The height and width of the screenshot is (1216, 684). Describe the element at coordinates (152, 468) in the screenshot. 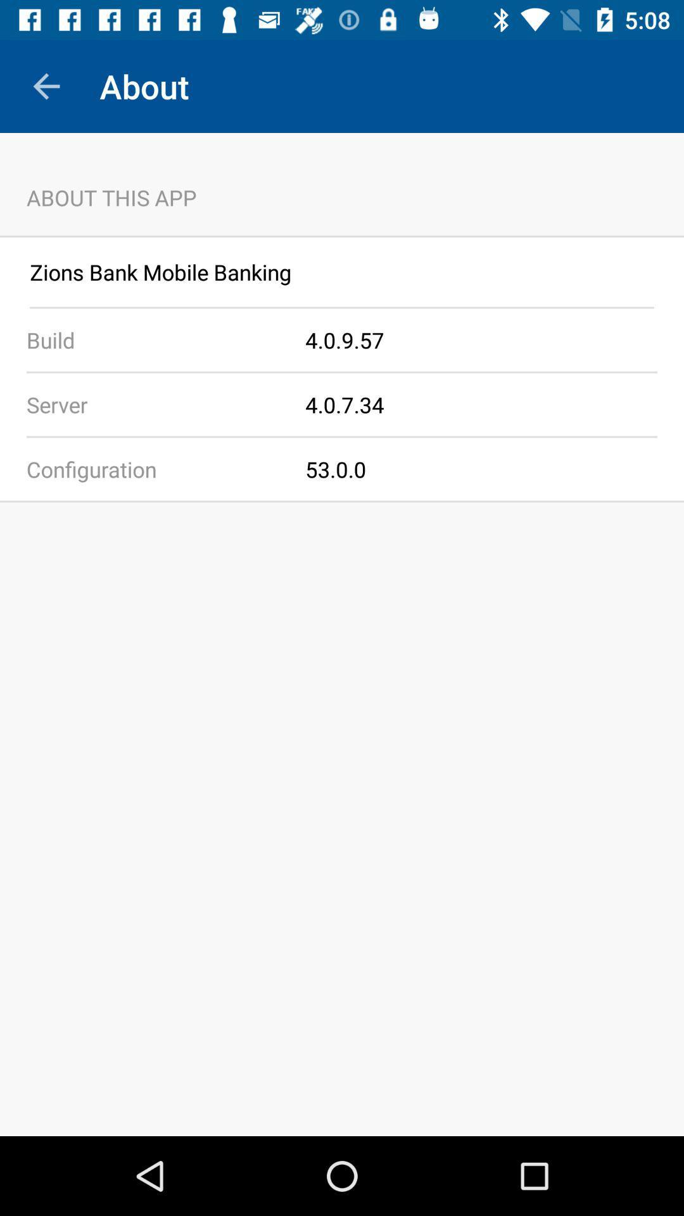

I see `the item next to the 53.0.0 icon` at that location.